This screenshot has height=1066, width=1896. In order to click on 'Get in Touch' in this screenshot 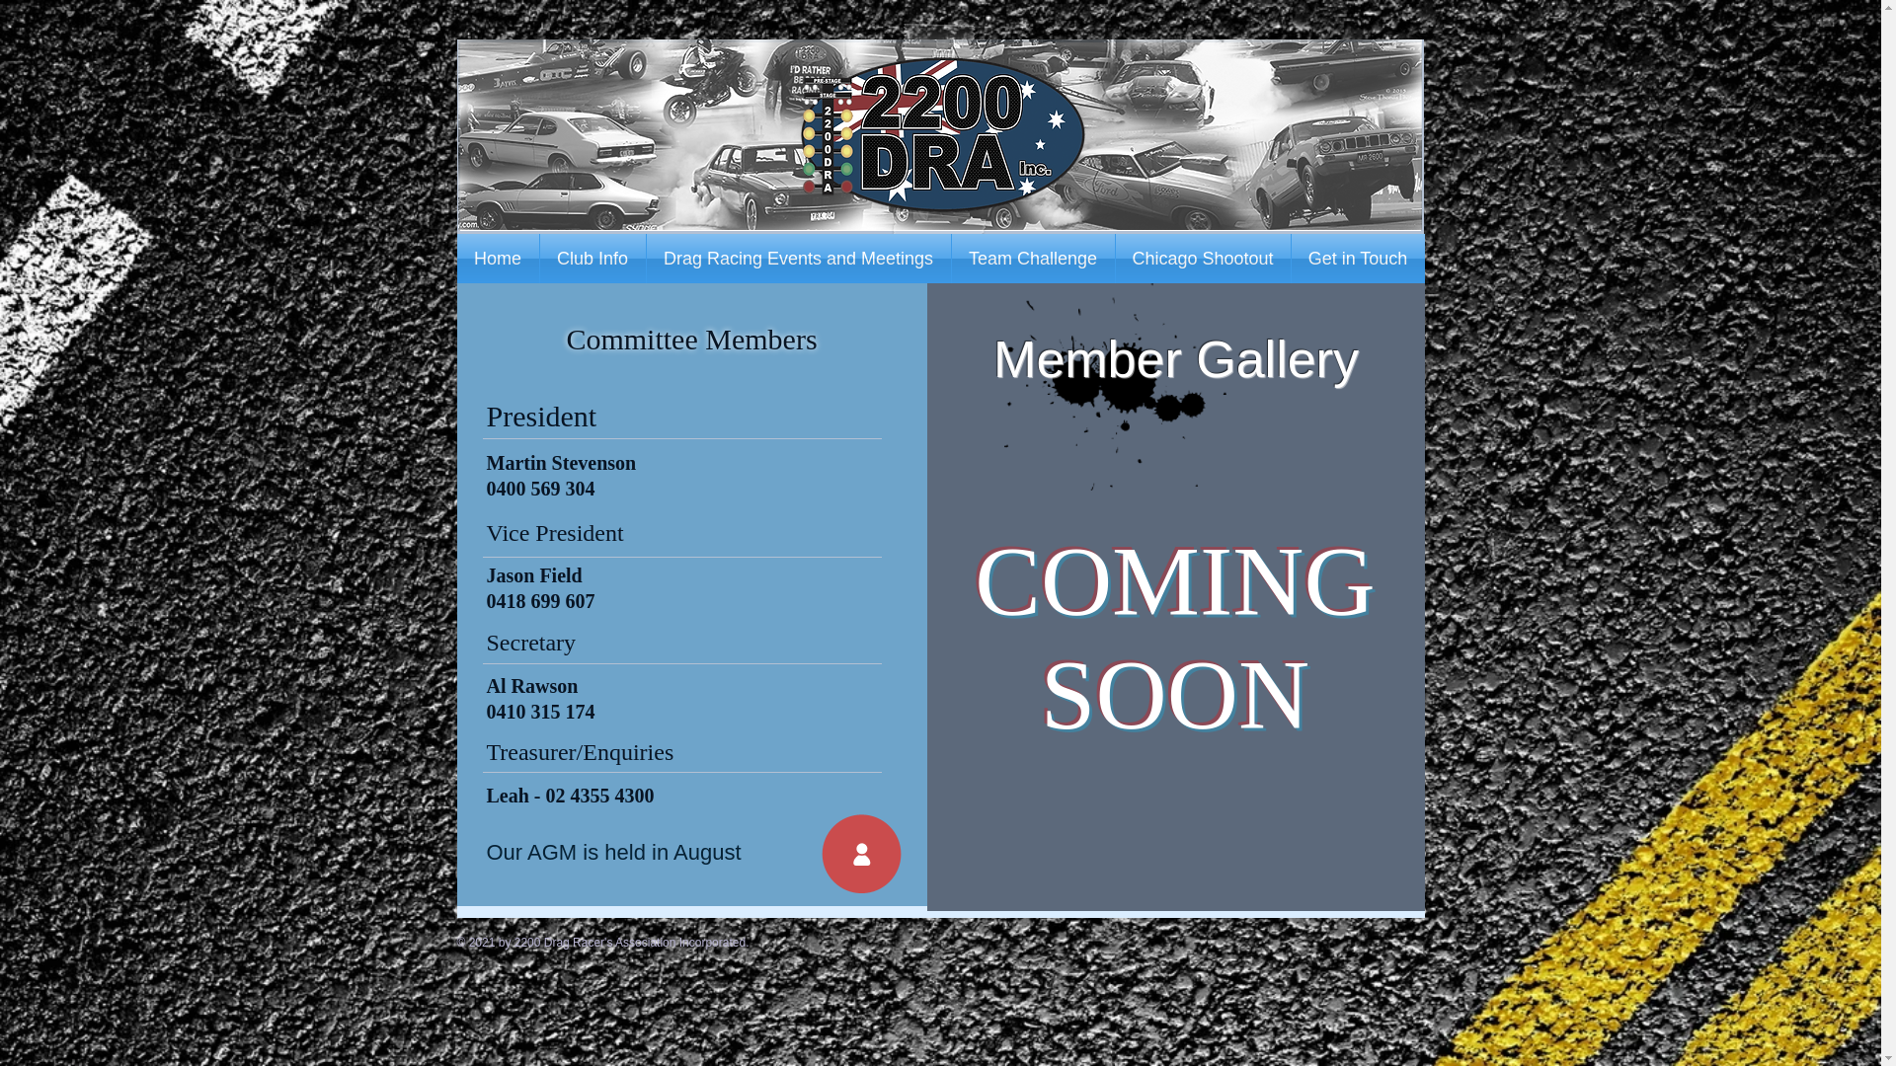, I will do `click(1357, 258)`.